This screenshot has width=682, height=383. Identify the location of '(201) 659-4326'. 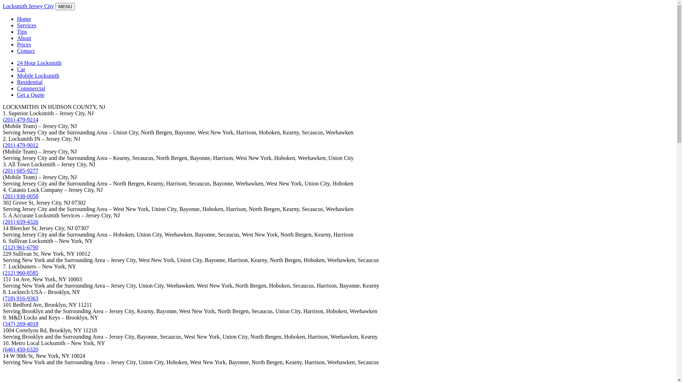
(20, 221).